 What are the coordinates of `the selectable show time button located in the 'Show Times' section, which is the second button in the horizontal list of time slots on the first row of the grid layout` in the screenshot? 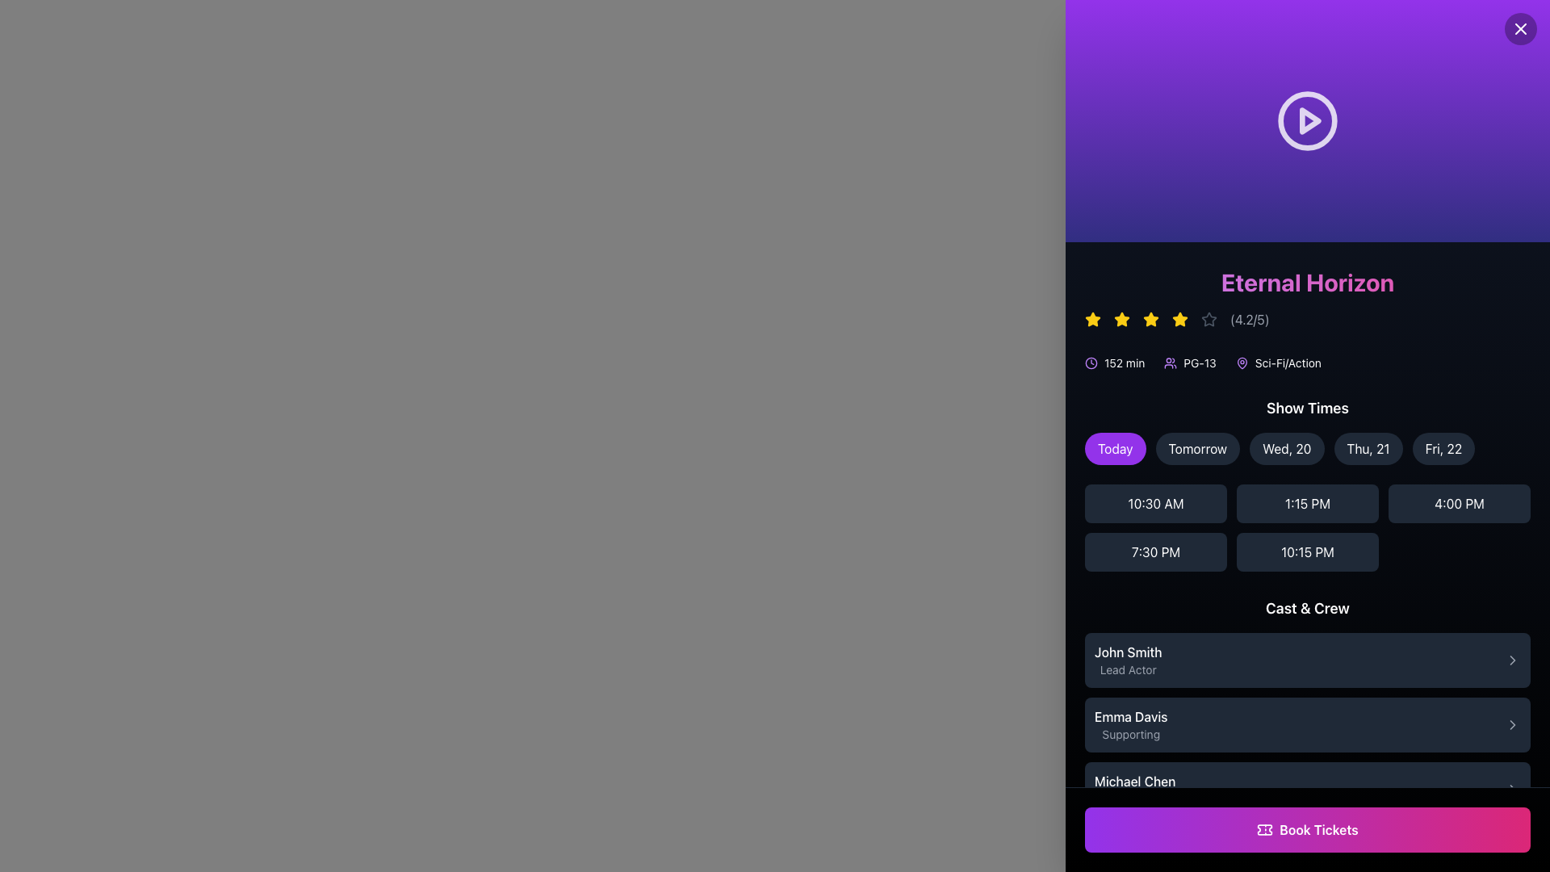 It's located at (1308, 503).